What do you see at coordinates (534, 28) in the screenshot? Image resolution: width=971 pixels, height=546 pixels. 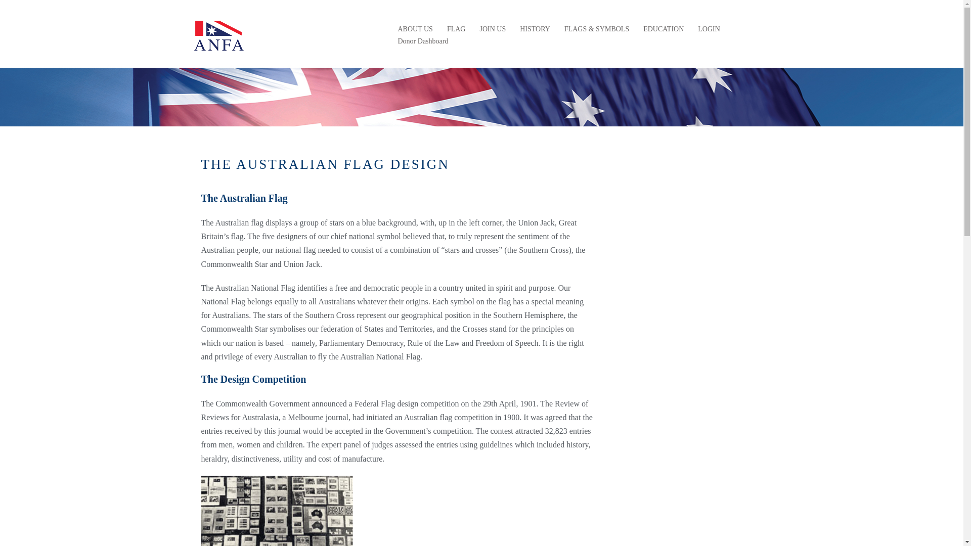 I see `'HISTORY'` at bounding box center [534, 28].